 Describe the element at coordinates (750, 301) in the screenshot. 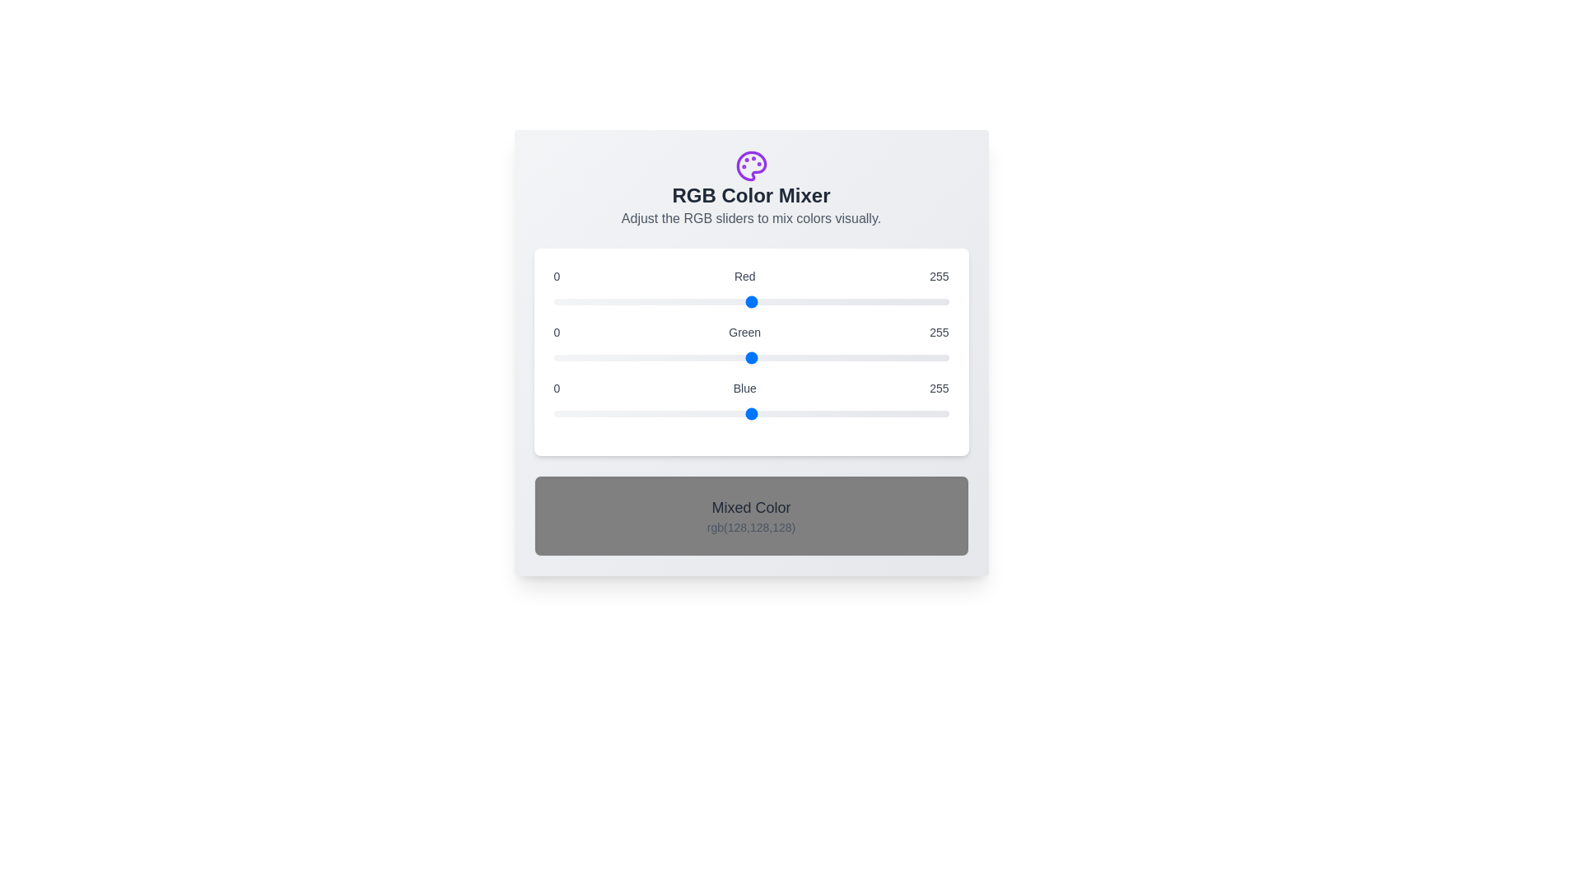

I see `the 0 slider to the value 209 to observe the resulting mixed color` at that location.